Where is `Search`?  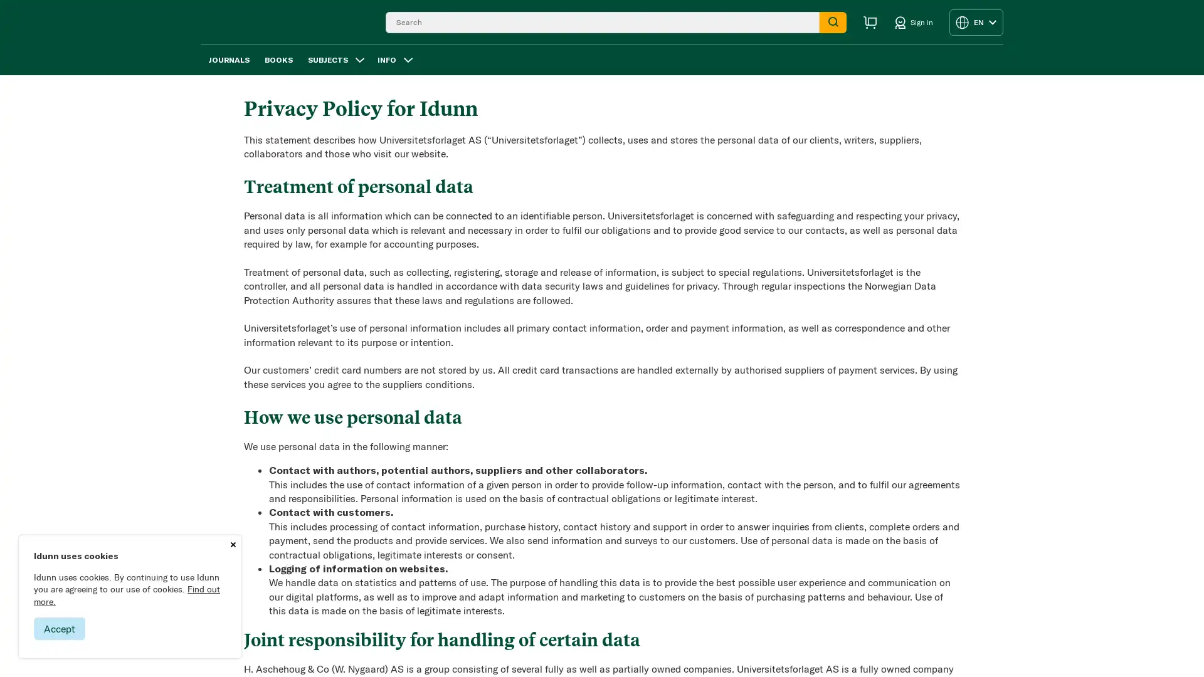 Search is located at coordinates (833, 21).